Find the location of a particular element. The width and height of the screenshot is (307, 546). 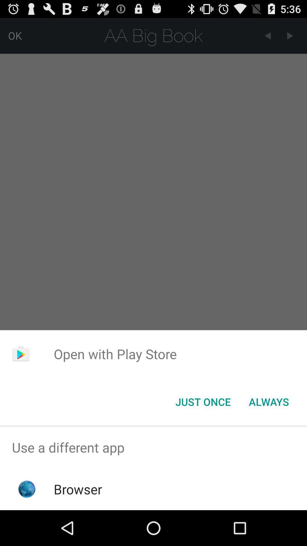

icon below use a different item is located at coordinates (78, 489).